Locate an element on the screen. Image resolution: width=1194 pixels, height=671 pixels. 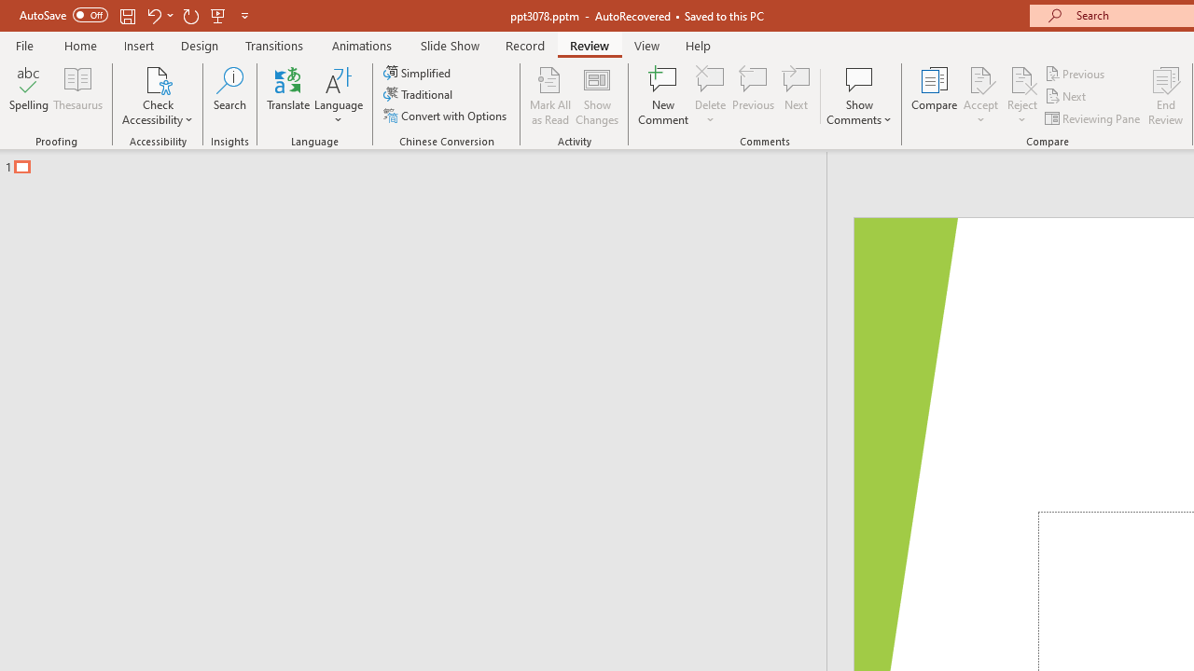
'Translate' is located at coordinates (287, 96).